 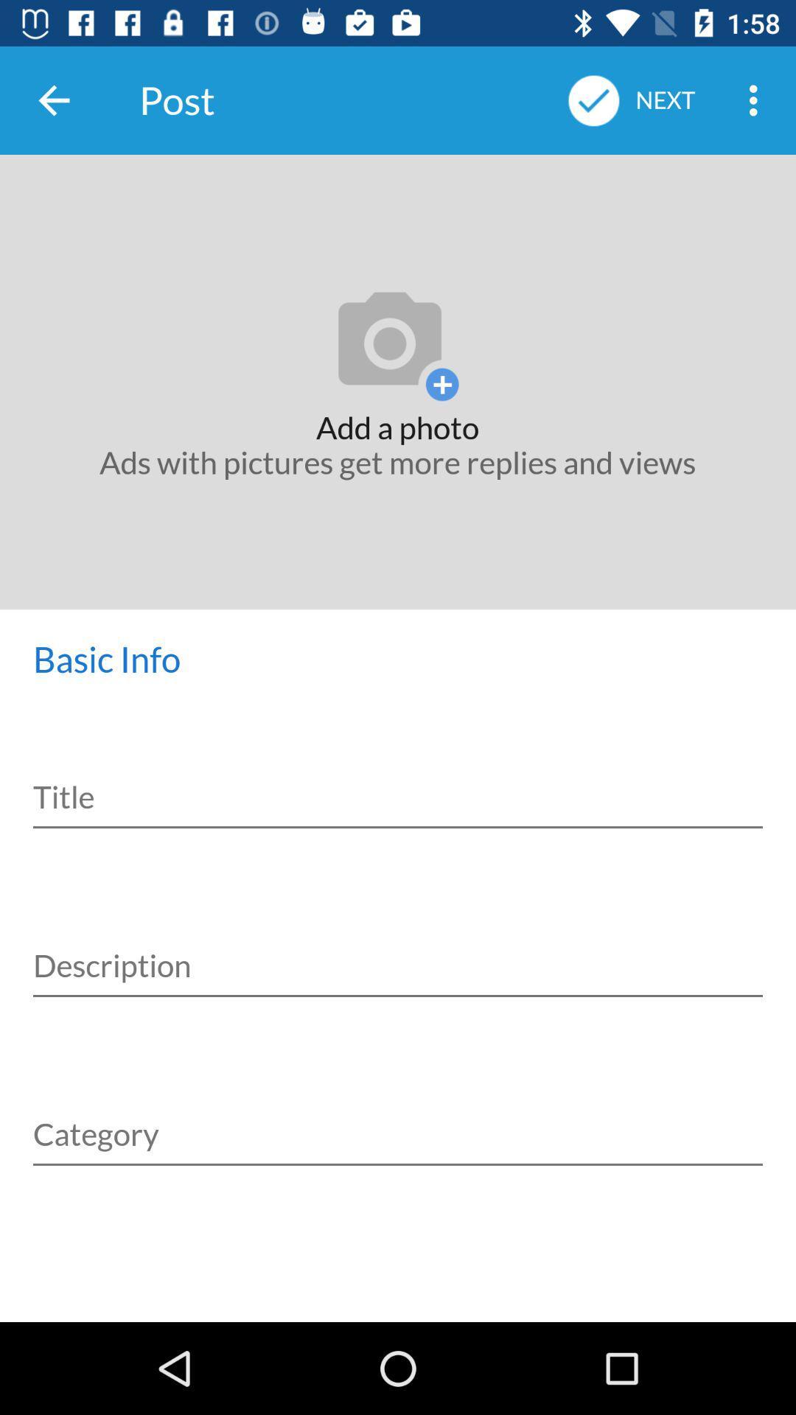 I want to click on title, so click(x=398, y=786).